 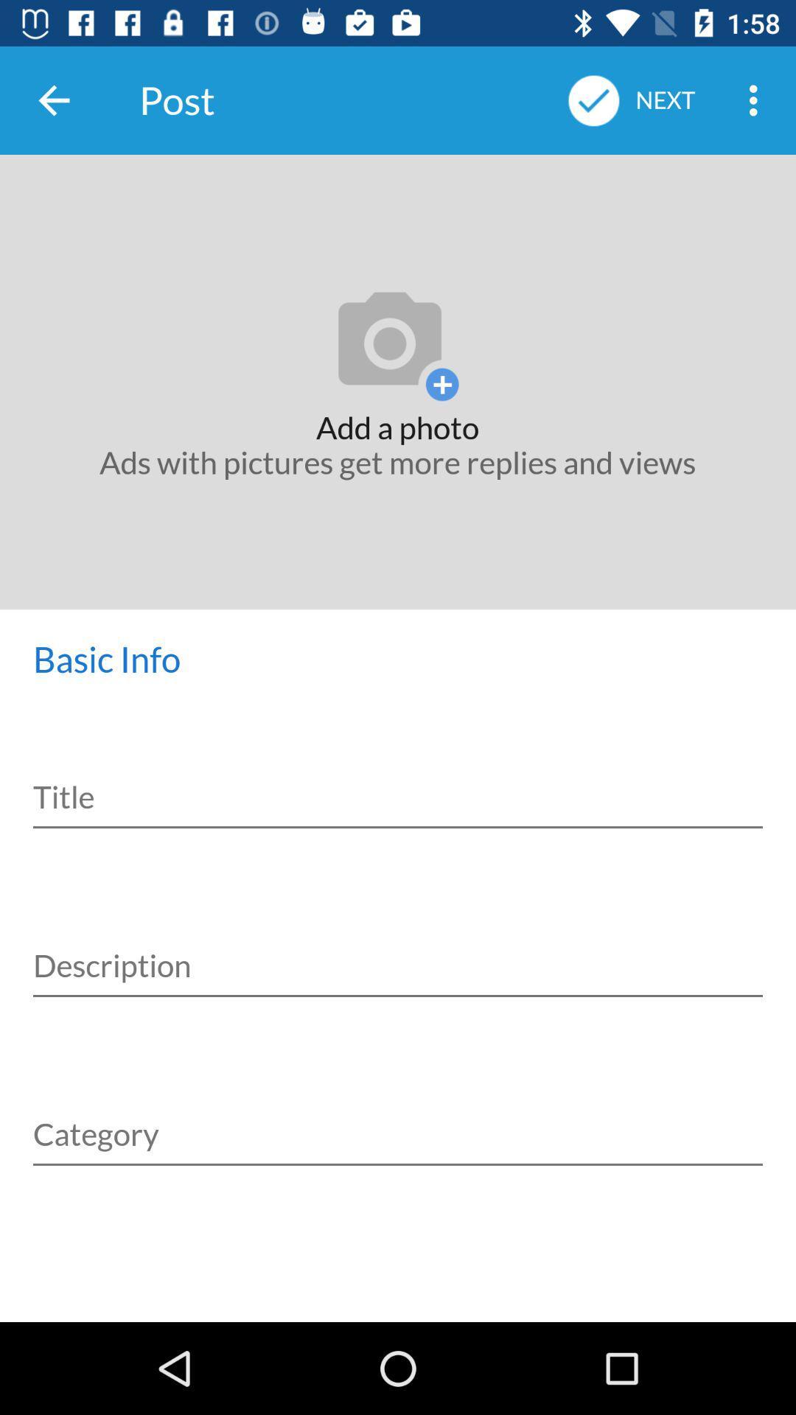 I want to click on title, so click(x=398, y=786).